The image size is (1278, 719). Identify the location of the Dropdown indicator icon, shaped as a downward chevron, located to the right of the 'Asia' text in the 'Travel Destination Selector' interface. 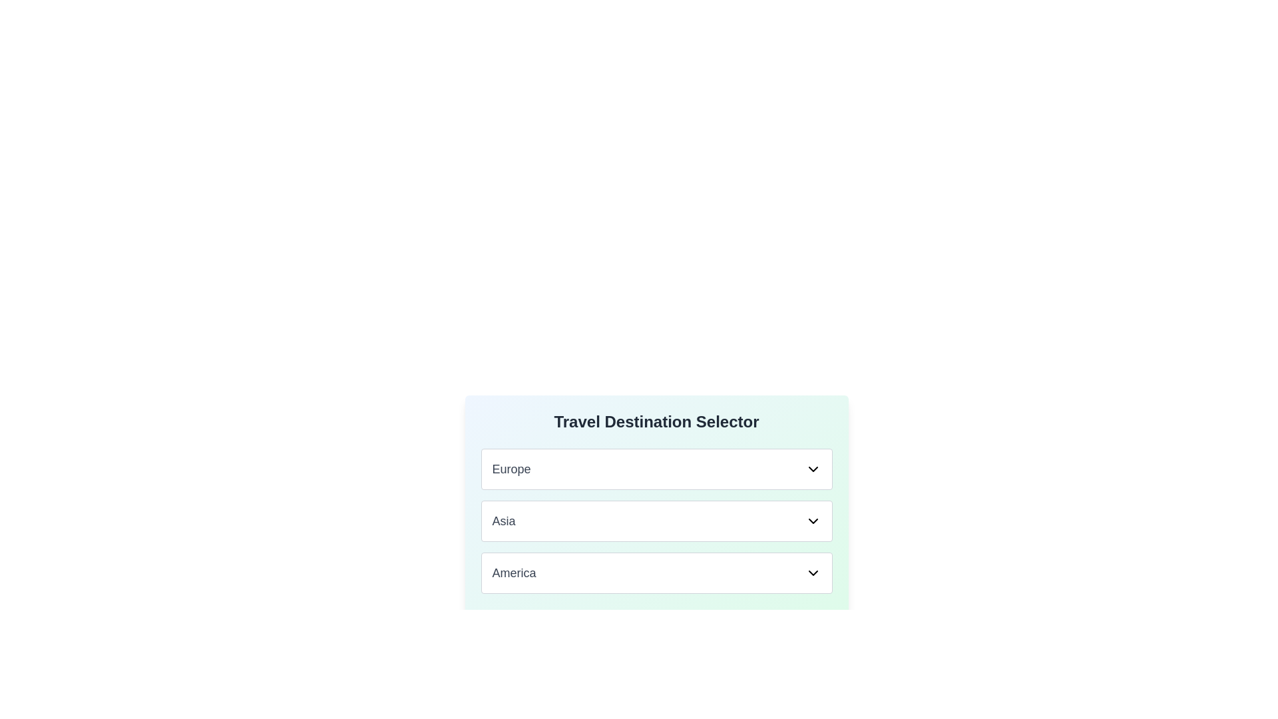
(812, 521).